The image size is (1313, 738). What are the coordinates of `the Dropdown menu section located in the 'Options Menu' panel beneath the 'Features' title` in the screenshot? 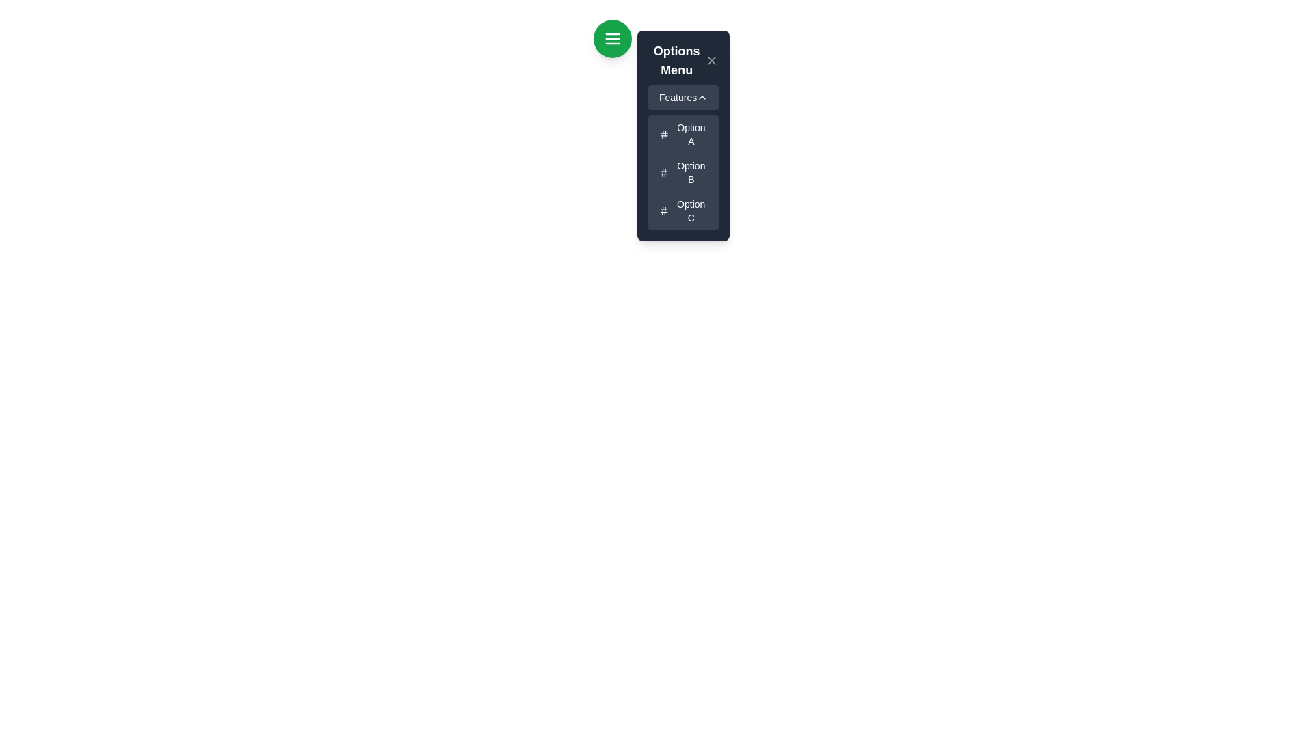 It's located at (683, 157).